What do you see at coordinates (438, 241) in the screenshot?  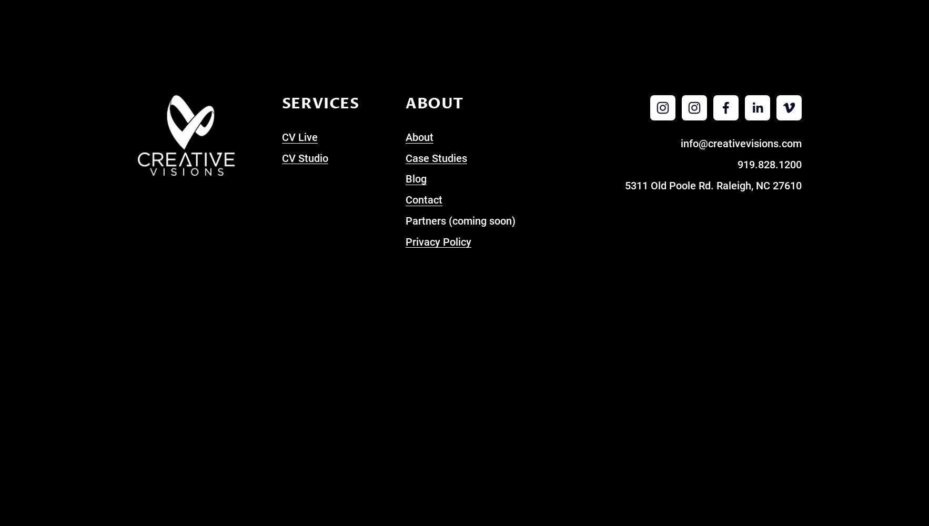 I see `'Privacy Policy'` at bounding box center [438, 241].